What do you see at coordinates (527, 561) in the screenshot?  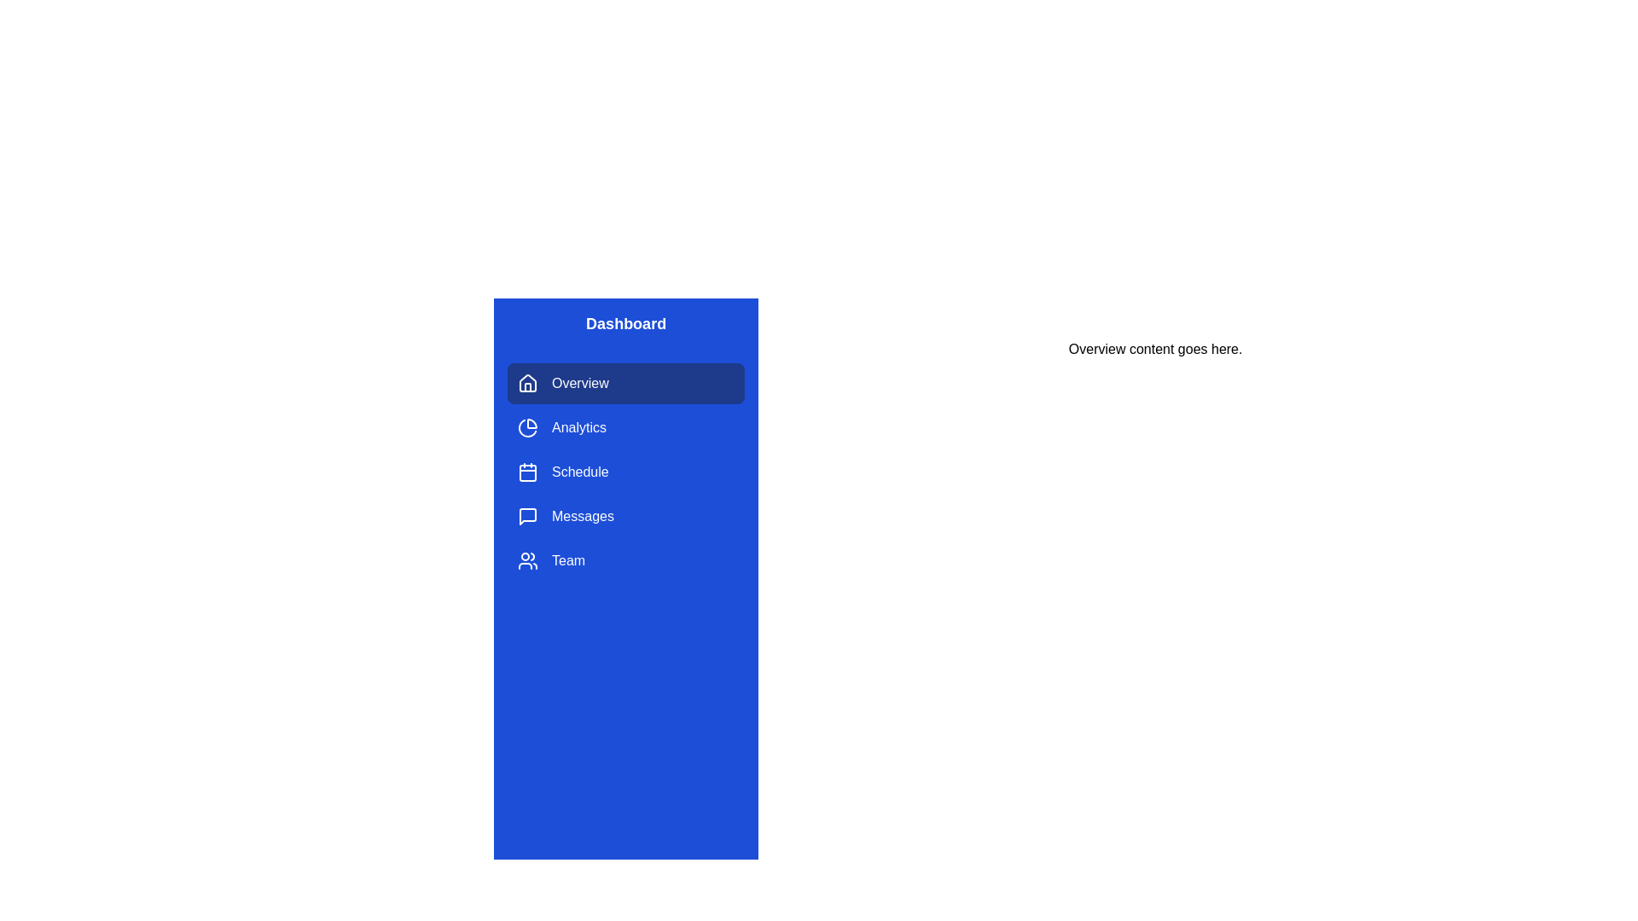 I see `the SVG icon resembling a group of people located under the 'Team' label in the sidebar menu` at bounding box center [527, 561].